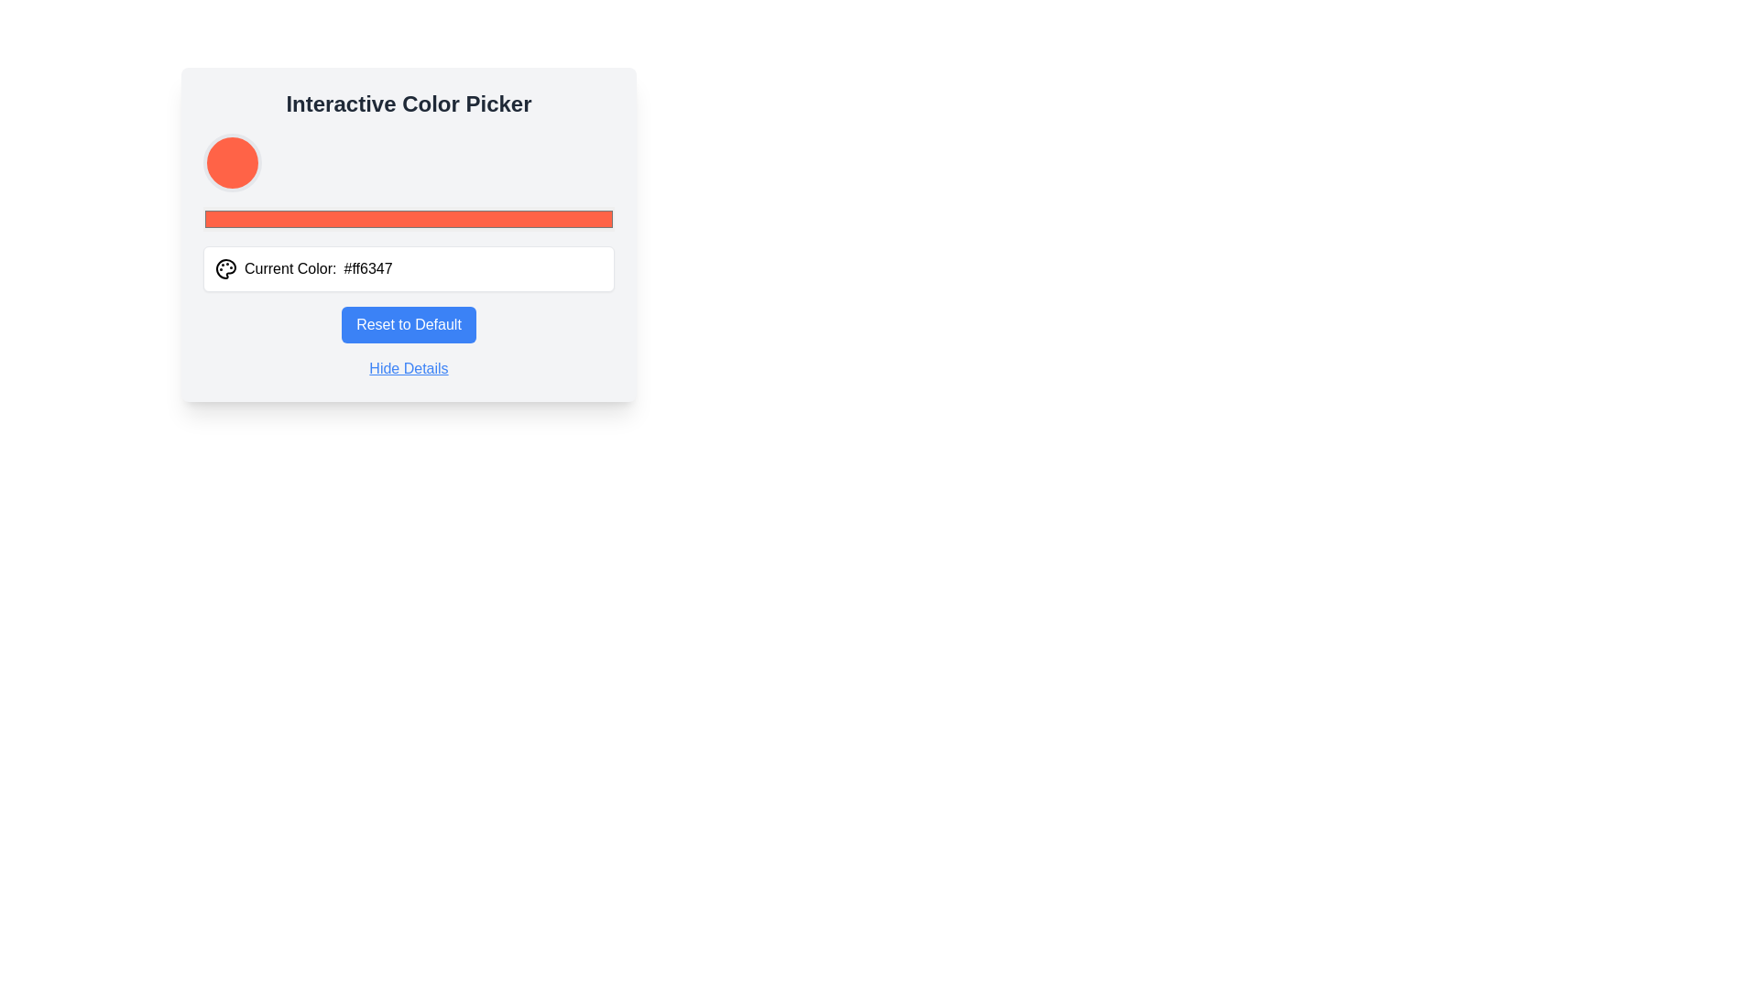 This screenshot has height=989, width=1759. I want to click on the slider value, so click(351, 218).